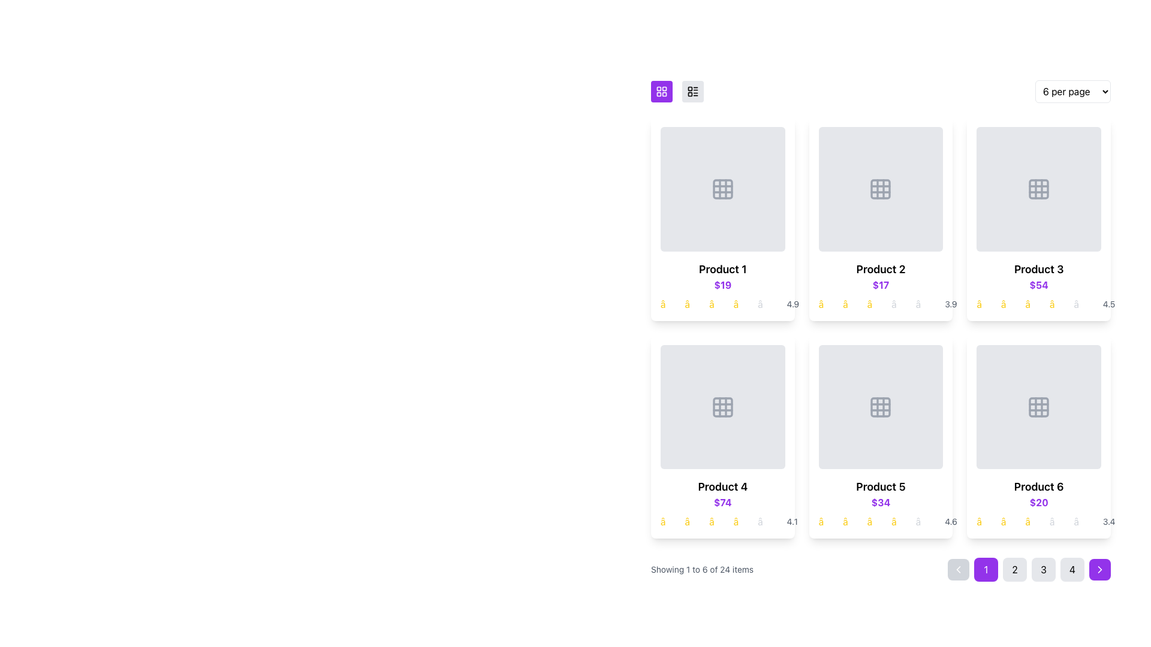  What do you see at coordinates (693, 91) in the screenshot?
I see `the toggle button for switching the display view to a list layout, located in the top-right of the interface, near a grid layout icon` at bounding box center [693, 91].